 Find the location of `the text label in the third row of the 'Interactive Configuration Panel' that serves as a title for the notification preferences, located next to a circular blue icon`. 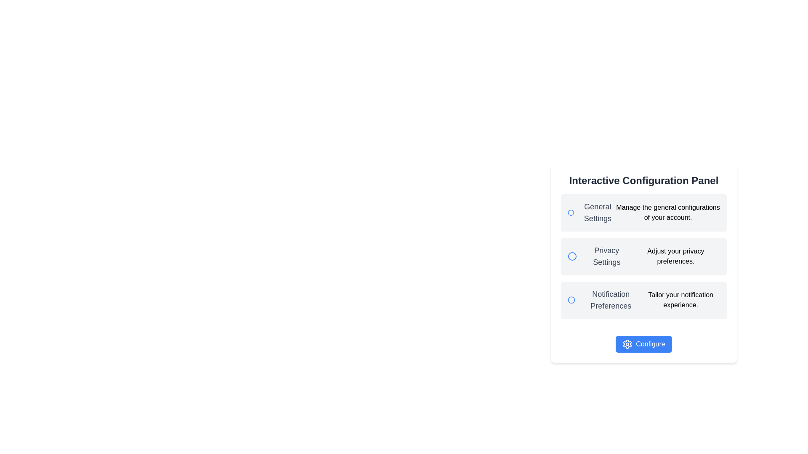

the text label in the third row of the 'Interactive Configuration Panel' that serves as a title for the notification preferences, located next to a circular blue icon is located at coordinates (604, 299).